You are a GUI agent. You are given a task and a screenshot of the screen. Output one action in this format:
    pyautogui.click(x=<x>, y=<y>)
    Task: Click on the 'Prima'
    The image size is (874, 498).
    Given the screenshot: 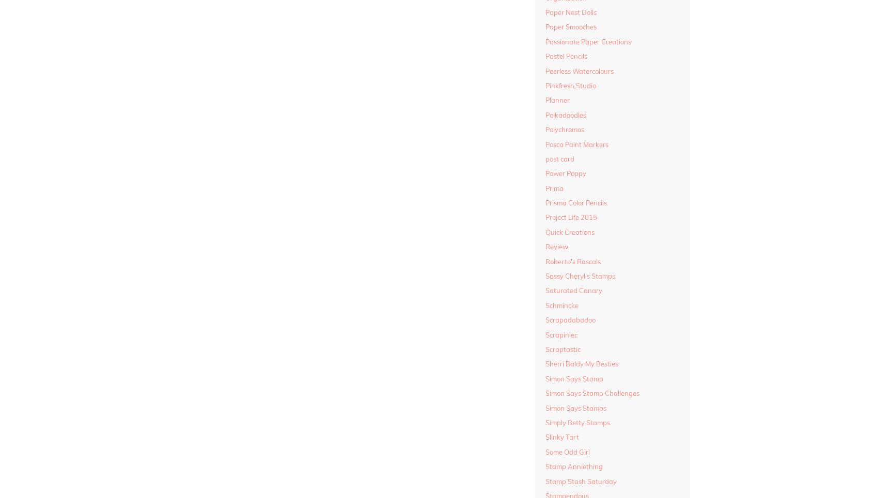 What is the action you would take?
    pyautogui.click(x=554, y=187)
    